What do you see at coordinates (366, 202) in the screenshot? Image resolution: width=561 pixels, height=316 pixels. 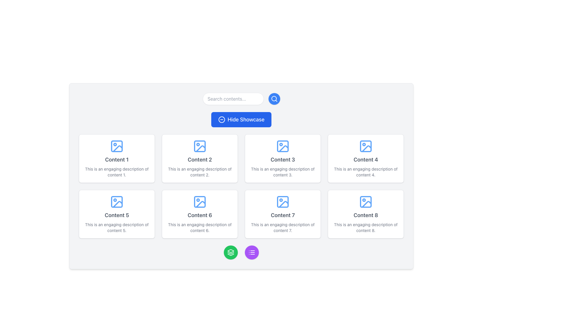 I see `the icon depicting a stylized image outline of a sun and mountain, located at the top of the 'Content 8' card` at bounding box center [366, 202].